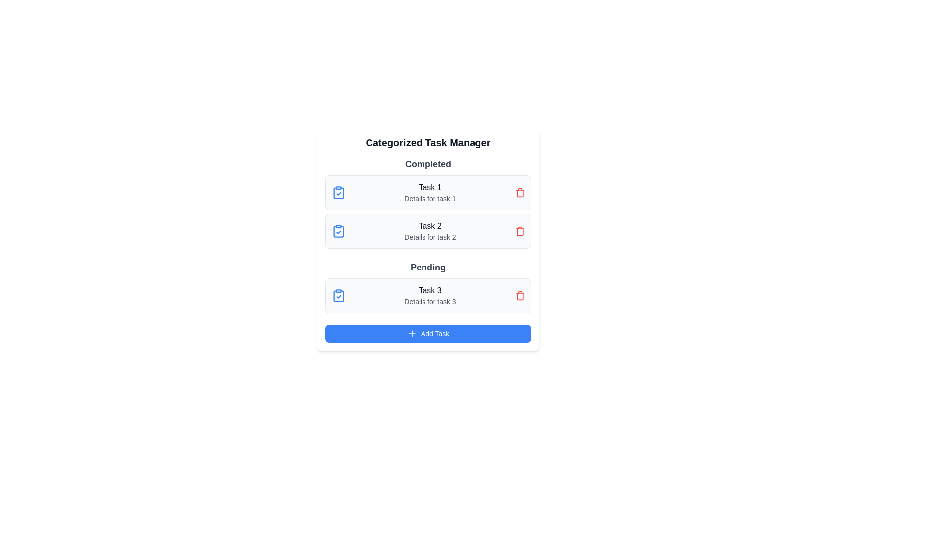 The width and height of the screenshot is (951, 535). What do you see at coordinates (428, 267) in the screenshot?
I see `the category title Pending to focus on it` at bounding box center [428, 267].